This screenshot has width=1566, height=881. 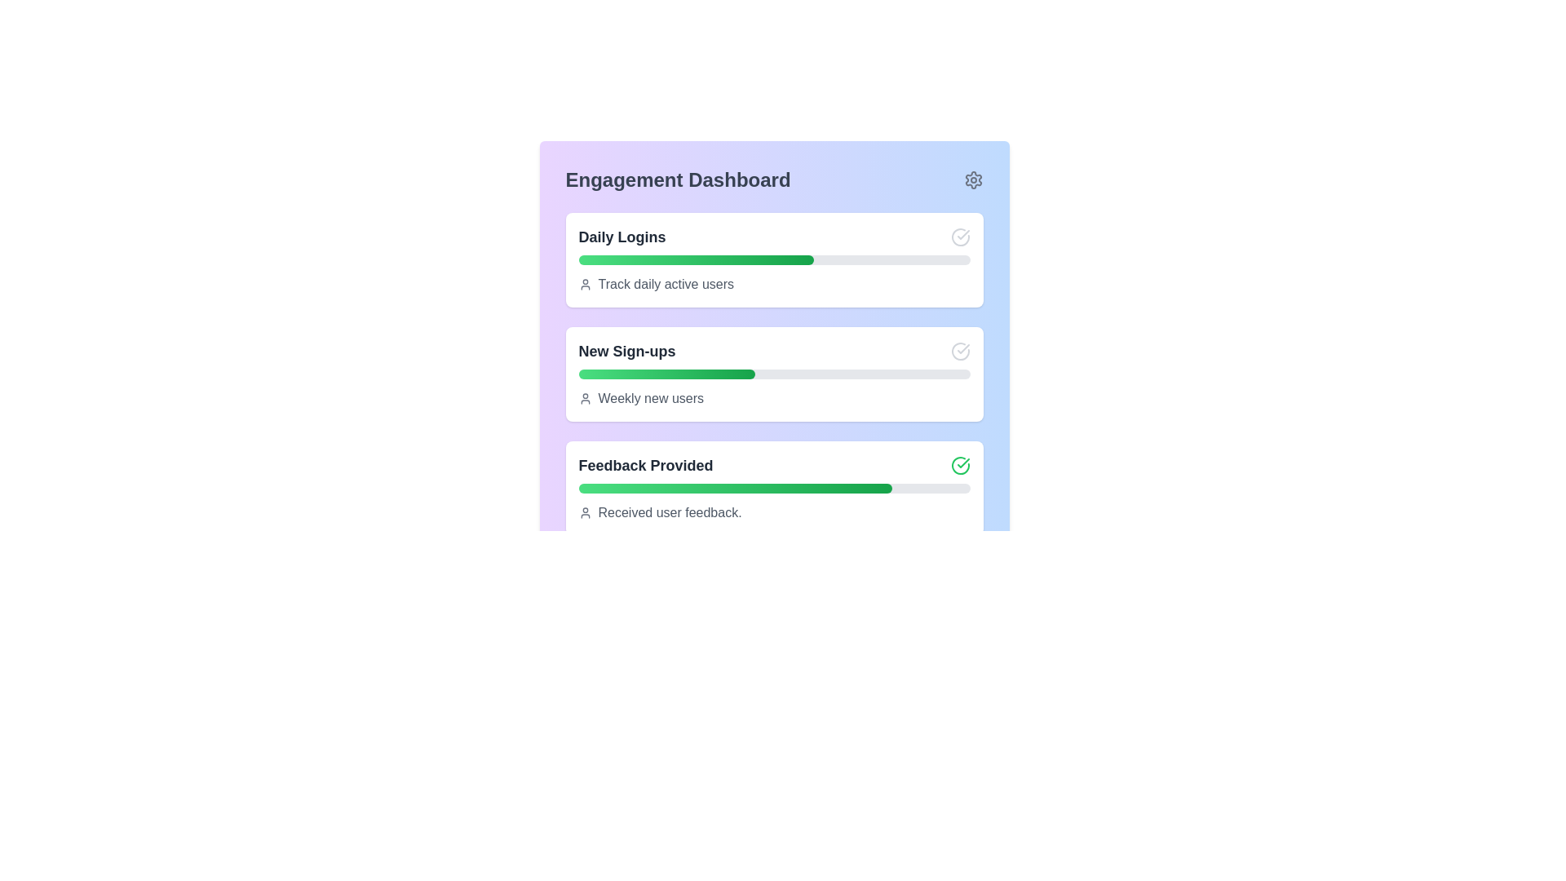 I want to click on the third card titled 'Feedback Provided' in the Engagement Dashboard, which has a white background, rounded corners, and displays a green checkmark icon, so click(x=773, y=487).